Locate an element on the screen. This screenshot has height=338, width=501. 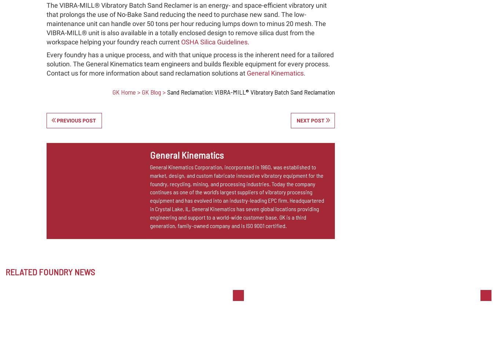
'General Kinematics Corporation, incorporated in 1960, was established to market, design, and custom fabricate innovative vibratory equipment for the foundry, recycling, mining, and processing industries. Today the company continues as one of the world’s largest suppliers of vibratory processing equipment and has evolved into an industry-leading EPC firm. Headquartered in Crystal Lake, IL, General Kinematics has seven global locations providing engineering and support to a world-wide customer base. GK is a third generation, family-owned company and is ISO 9001 certified.' is located at coordinates (236, 196).